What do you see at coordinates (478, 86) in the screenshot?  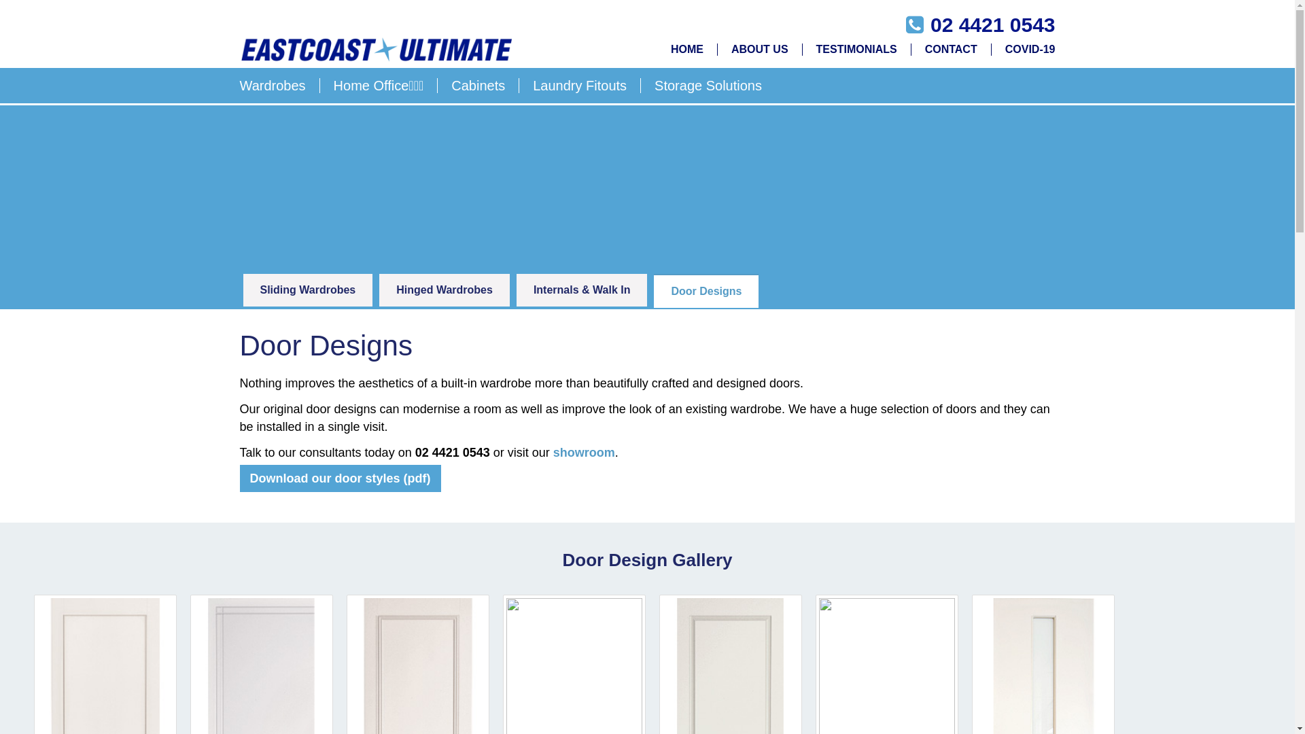 I see `'Cabinets'` at bounding box center [478, 86].